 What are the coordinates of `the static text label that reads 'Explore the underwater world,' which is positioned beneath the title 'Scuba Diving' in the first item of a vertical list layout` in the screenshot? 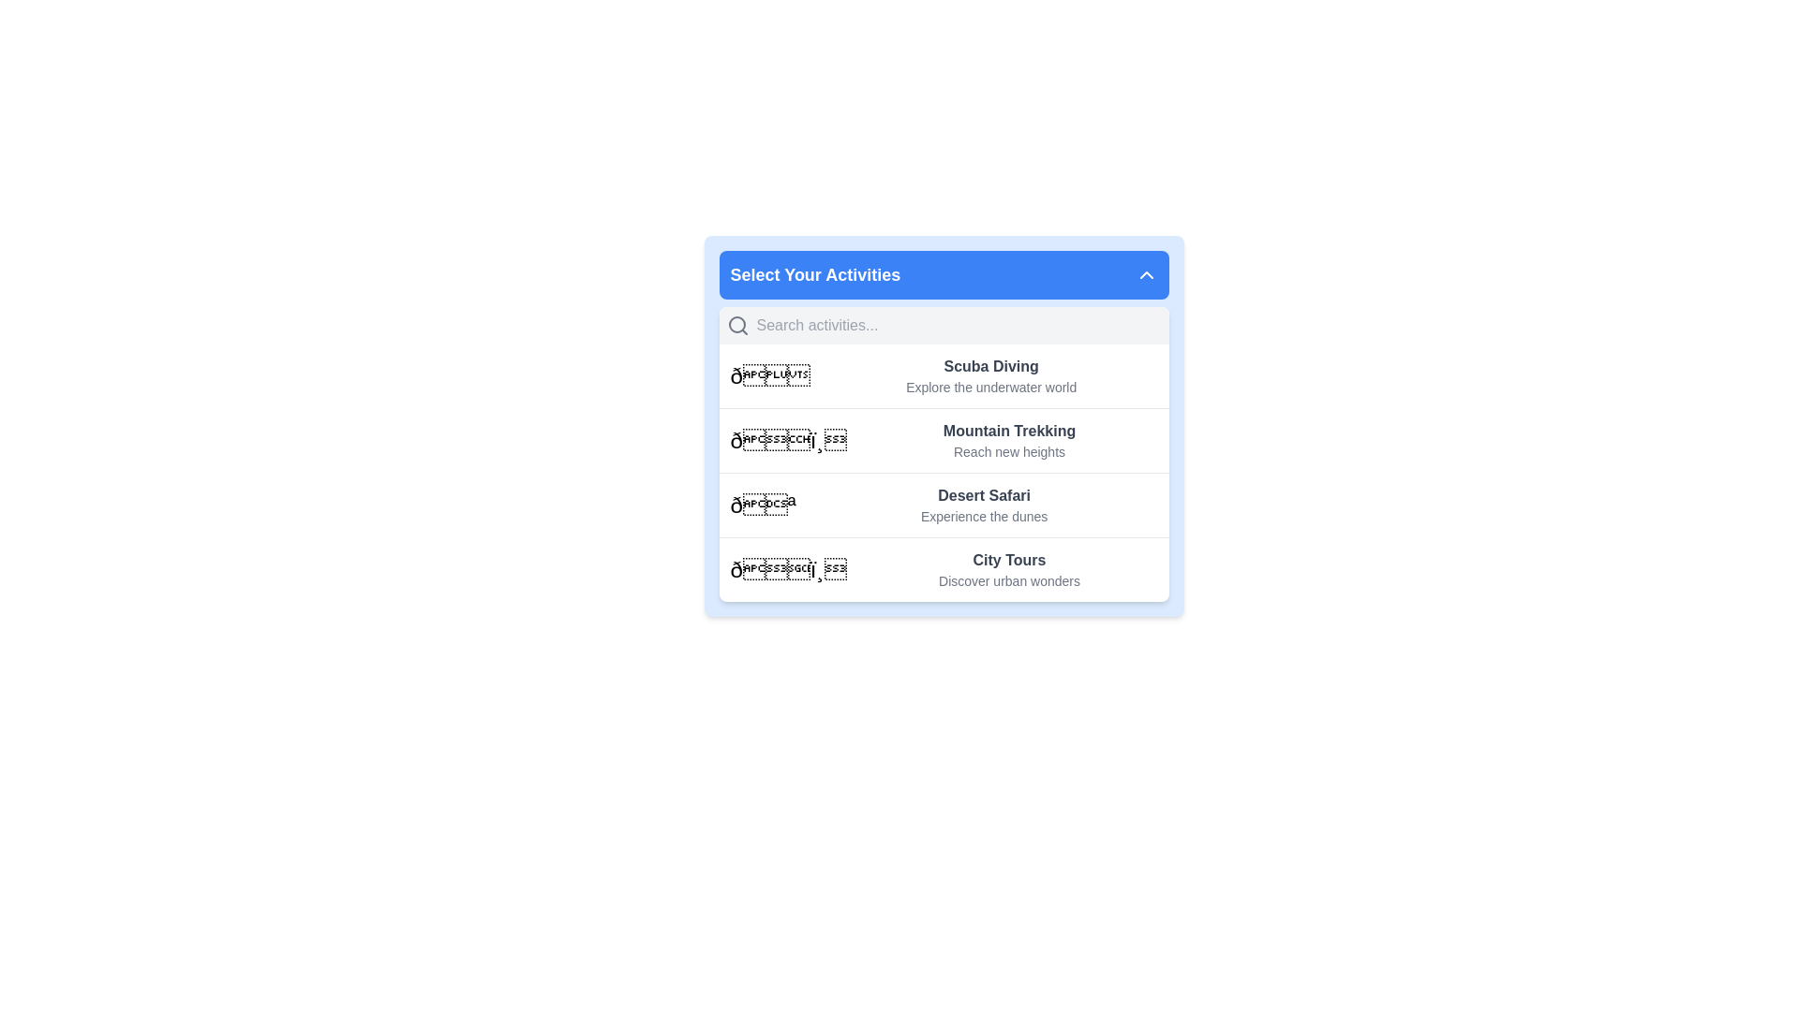 It's located at (990, 386).